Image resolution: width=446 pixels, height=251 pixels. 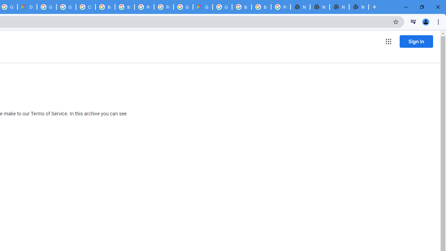 I want to click on 'Google Cloud Platform', so click(x=222, y=7).